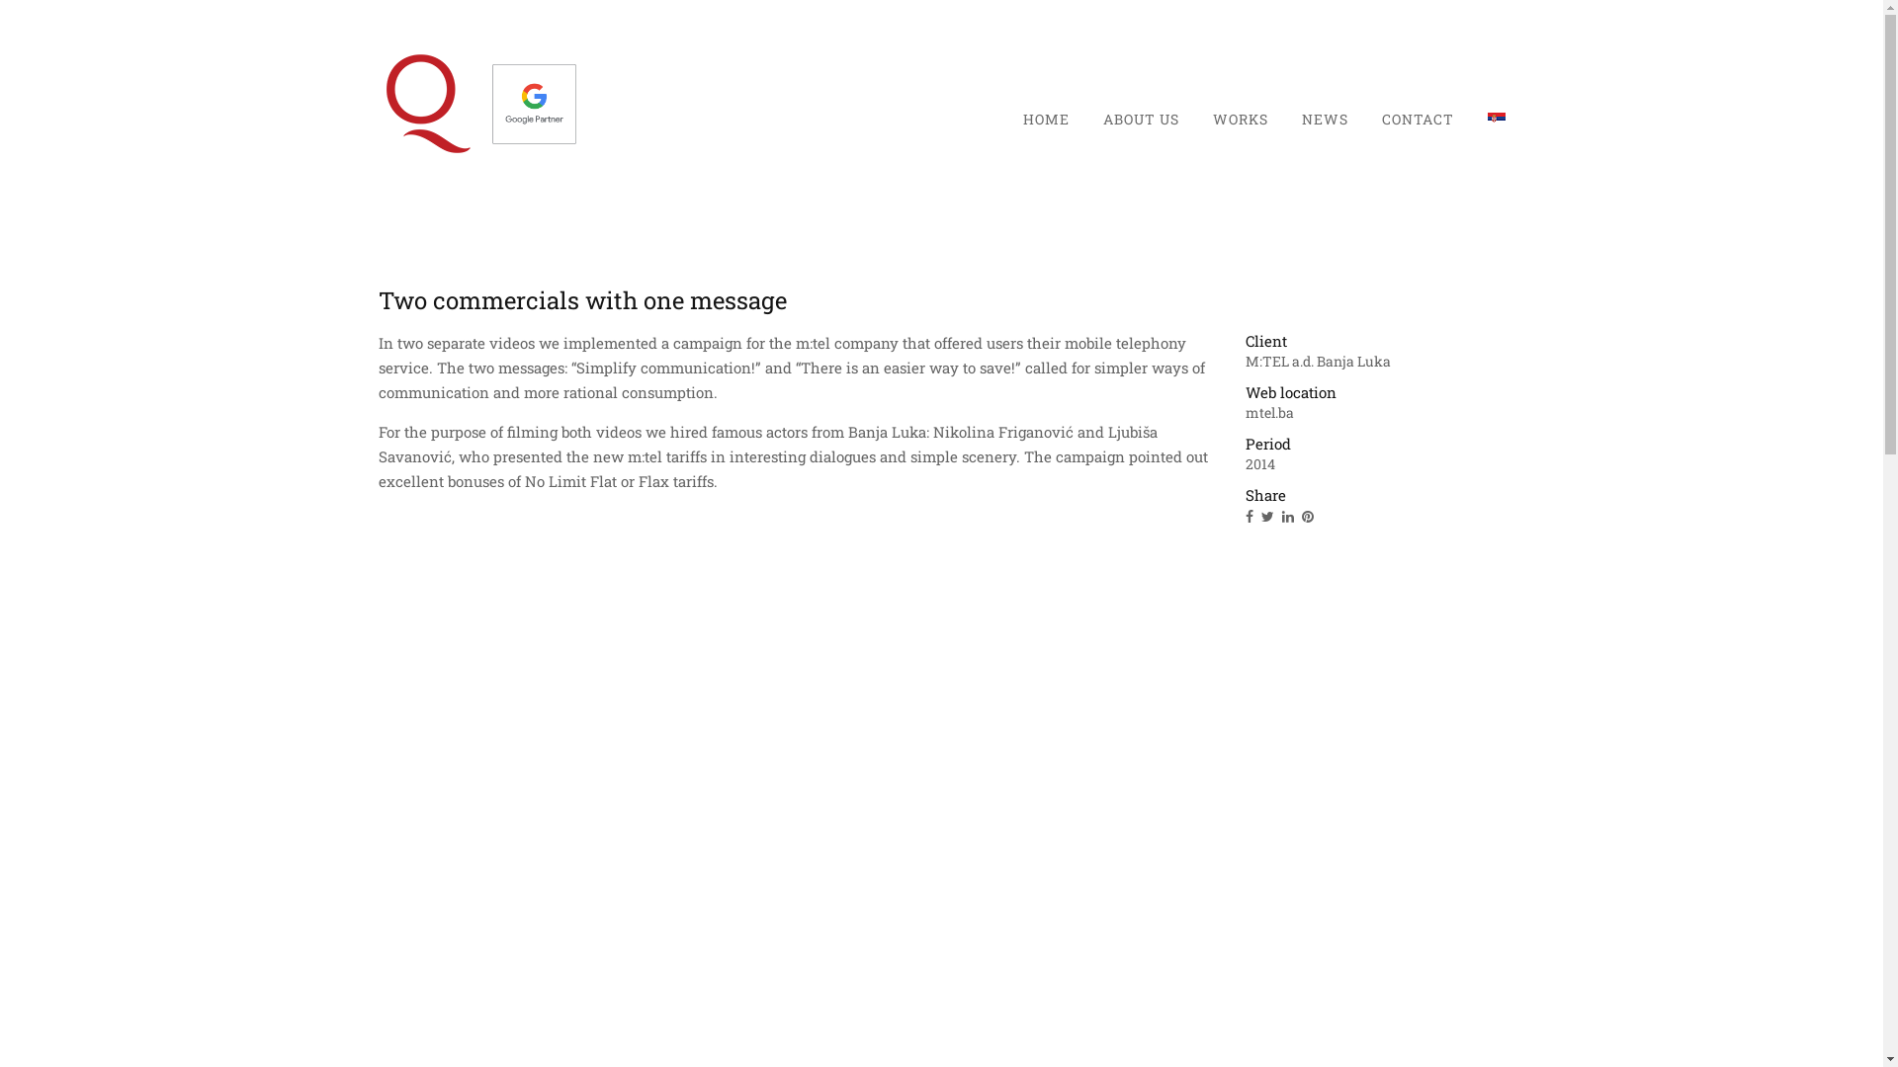 The height and width of the screenshot is (1067, 1898). Describe the element at coordinates (1044, 119) in the screenshot. I see `'HOME'` at that location.